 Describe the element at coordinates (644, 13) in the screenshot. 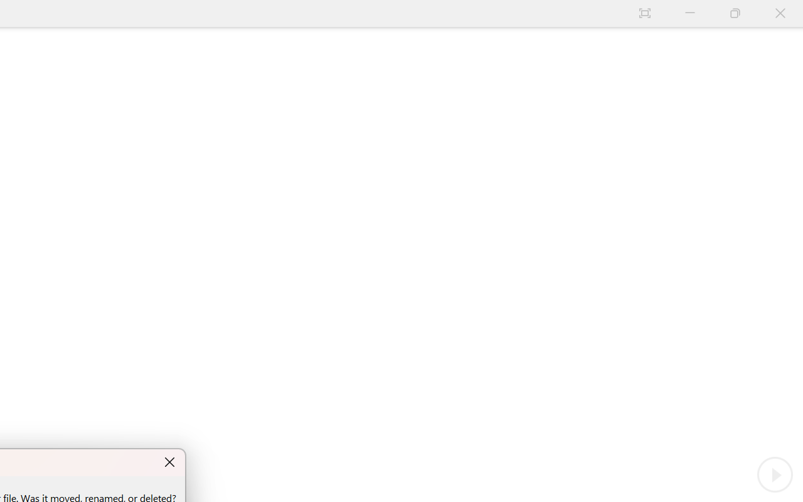

I see `'Auto-hide Reading Toolbar'` at that location.